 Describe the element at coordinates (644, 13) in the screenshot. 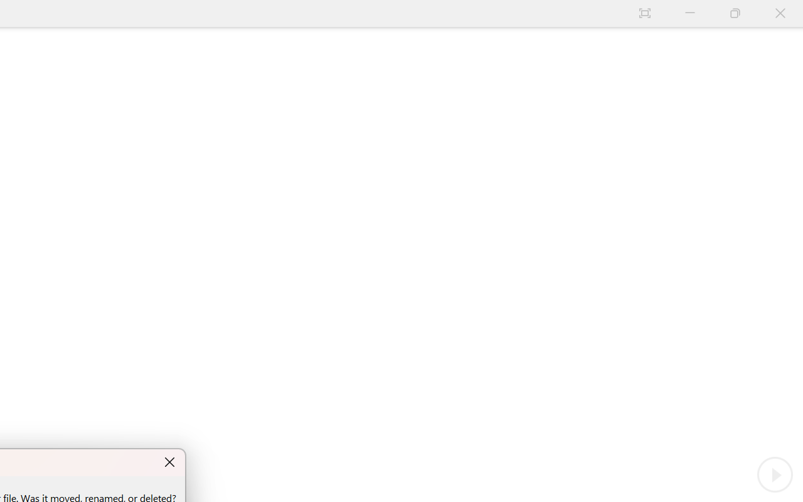

I see `'Auto-hide Reading Toolbar'` at that location.